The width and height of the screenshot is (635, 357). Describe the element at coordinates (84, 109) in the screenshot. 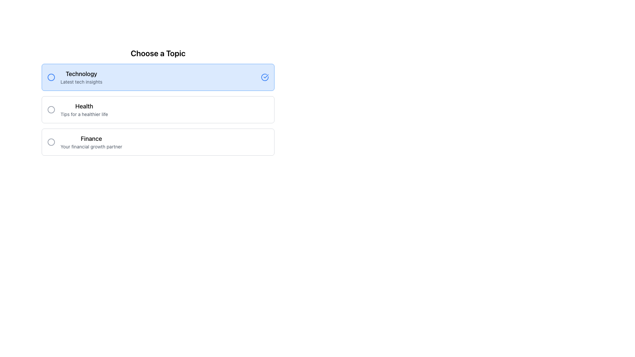

I see `text content of the two-line text block displaying 'Health' and 'Tips for a healthier life', located in the second option of a vertical list` at that location.